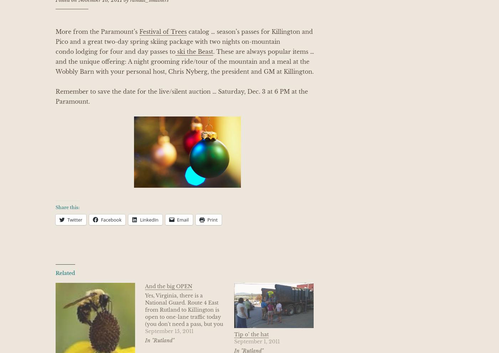 This screenshot has height=353, width=499. What do you see at coordinates (75, 219) in the screenshot?
I see `'Twitter'` at bounding box center [75, 219].